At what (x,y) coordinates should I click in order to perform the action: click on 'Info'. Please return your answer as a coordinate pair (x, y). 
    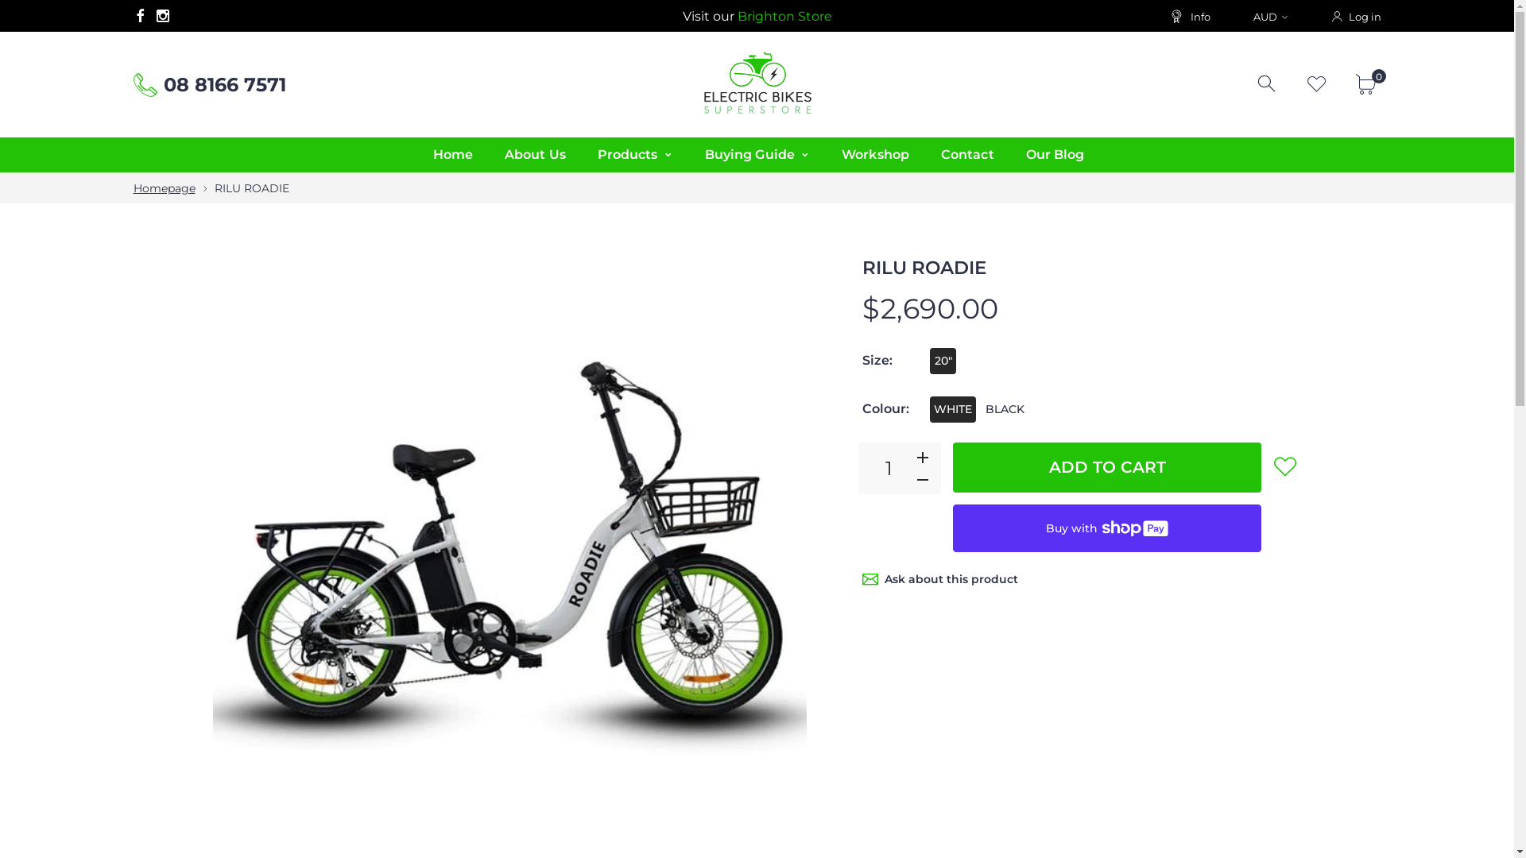
    Looking at the image, I should click on (1189, 15).